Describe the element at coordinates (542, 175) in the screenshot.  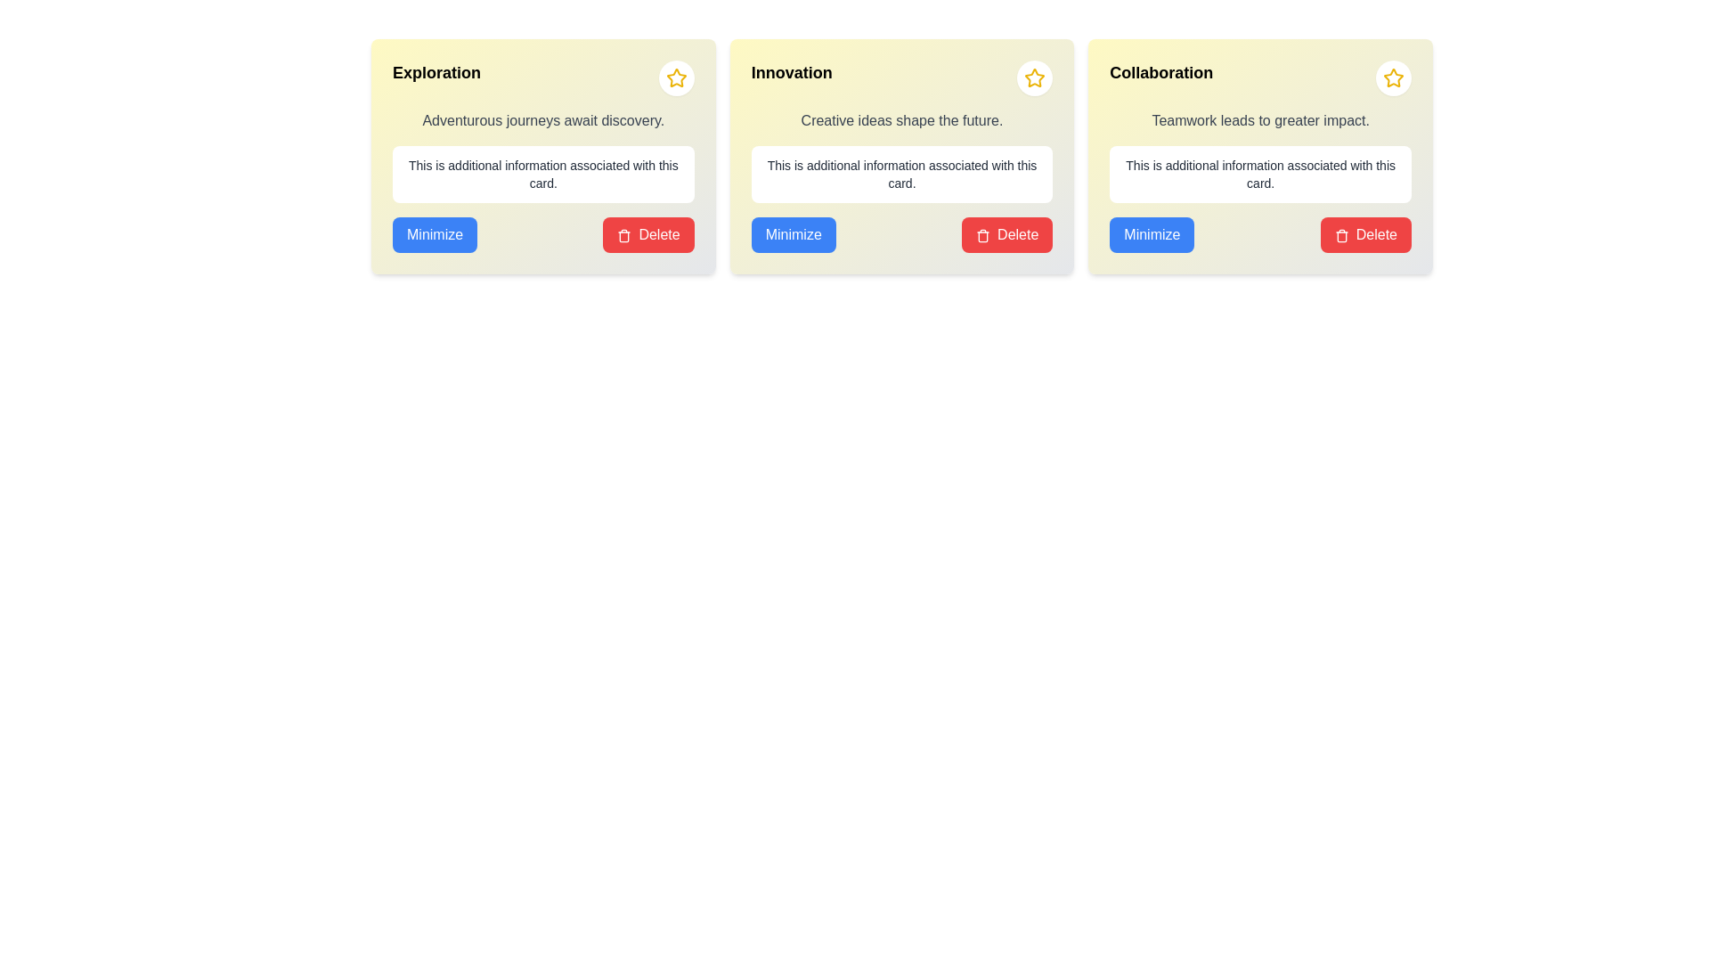
I see `the static text displaying 'This is additional information associated with this card.' located within the 'Exploration' card section` at that location.